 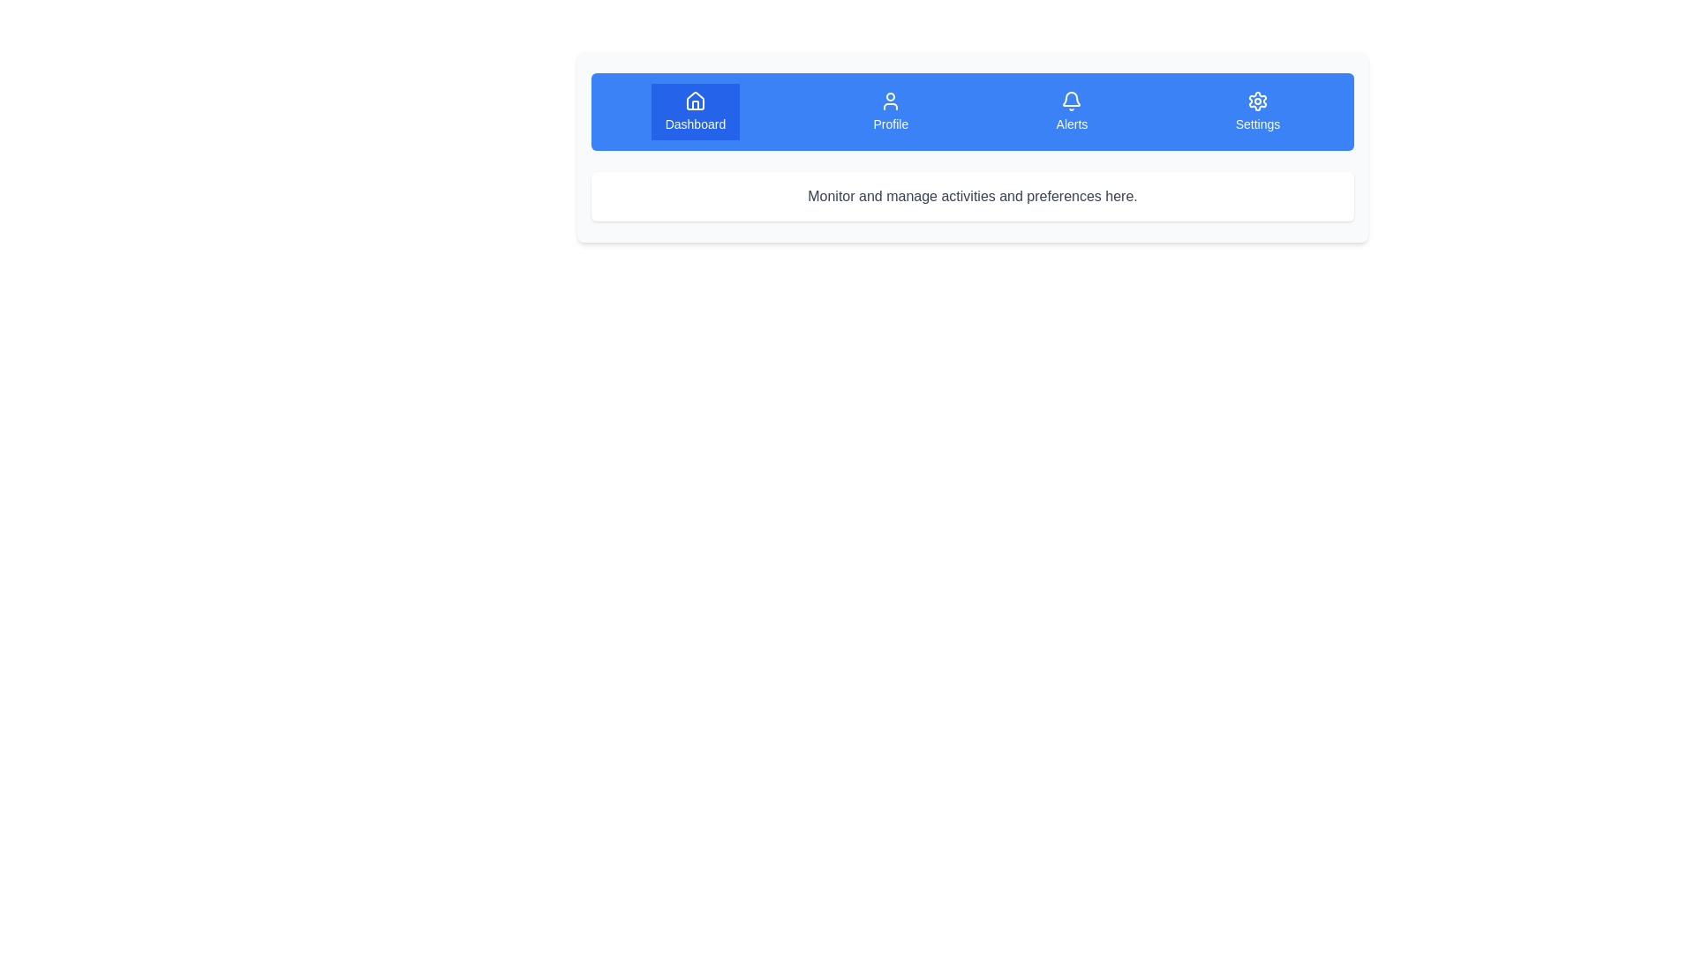 I want to click on the Navigation bar, so click(x=972, y=112).